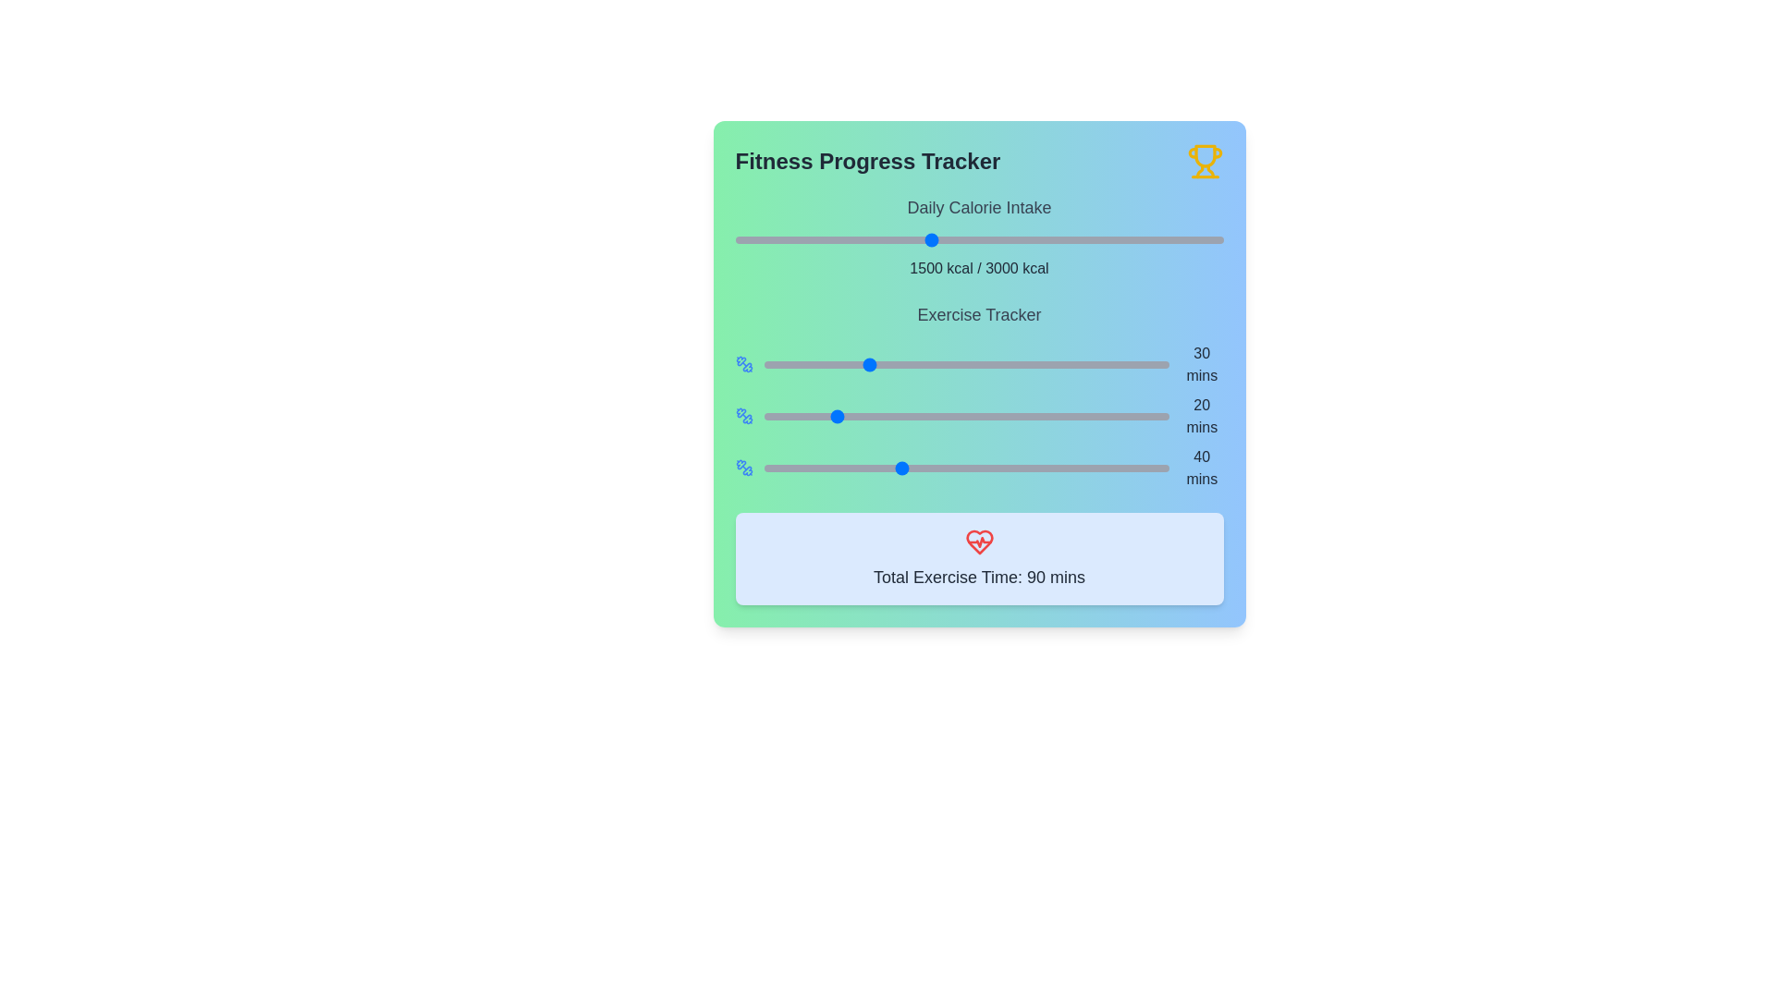 The height and width of the screenshot is (998, 1775). Describe the element at coordinates (978, 268) in the screenshot. I see `the static text display showing the current and total calorie count located in the 'Daily Calorie Intake' section below the progress bar and heading` at that location.